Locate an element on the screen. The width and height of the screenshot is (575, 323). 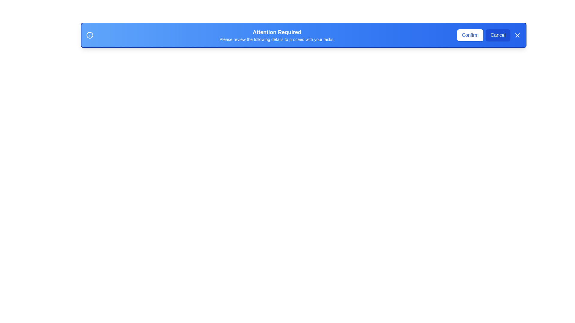
the close button to close the notification bar is located at coordinates (517, 35).